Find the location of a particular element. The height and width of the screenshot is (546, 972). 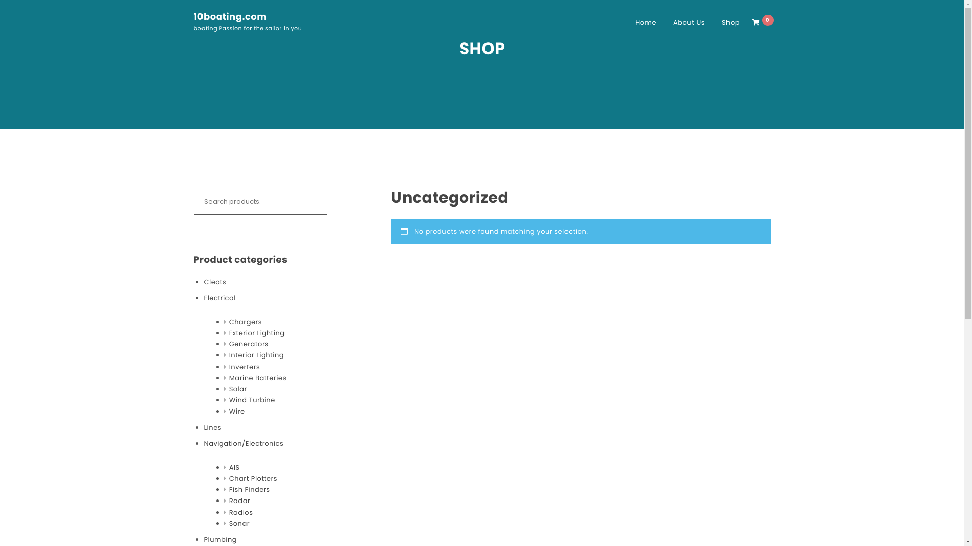

'Home' is located at coordinates (645, 23).